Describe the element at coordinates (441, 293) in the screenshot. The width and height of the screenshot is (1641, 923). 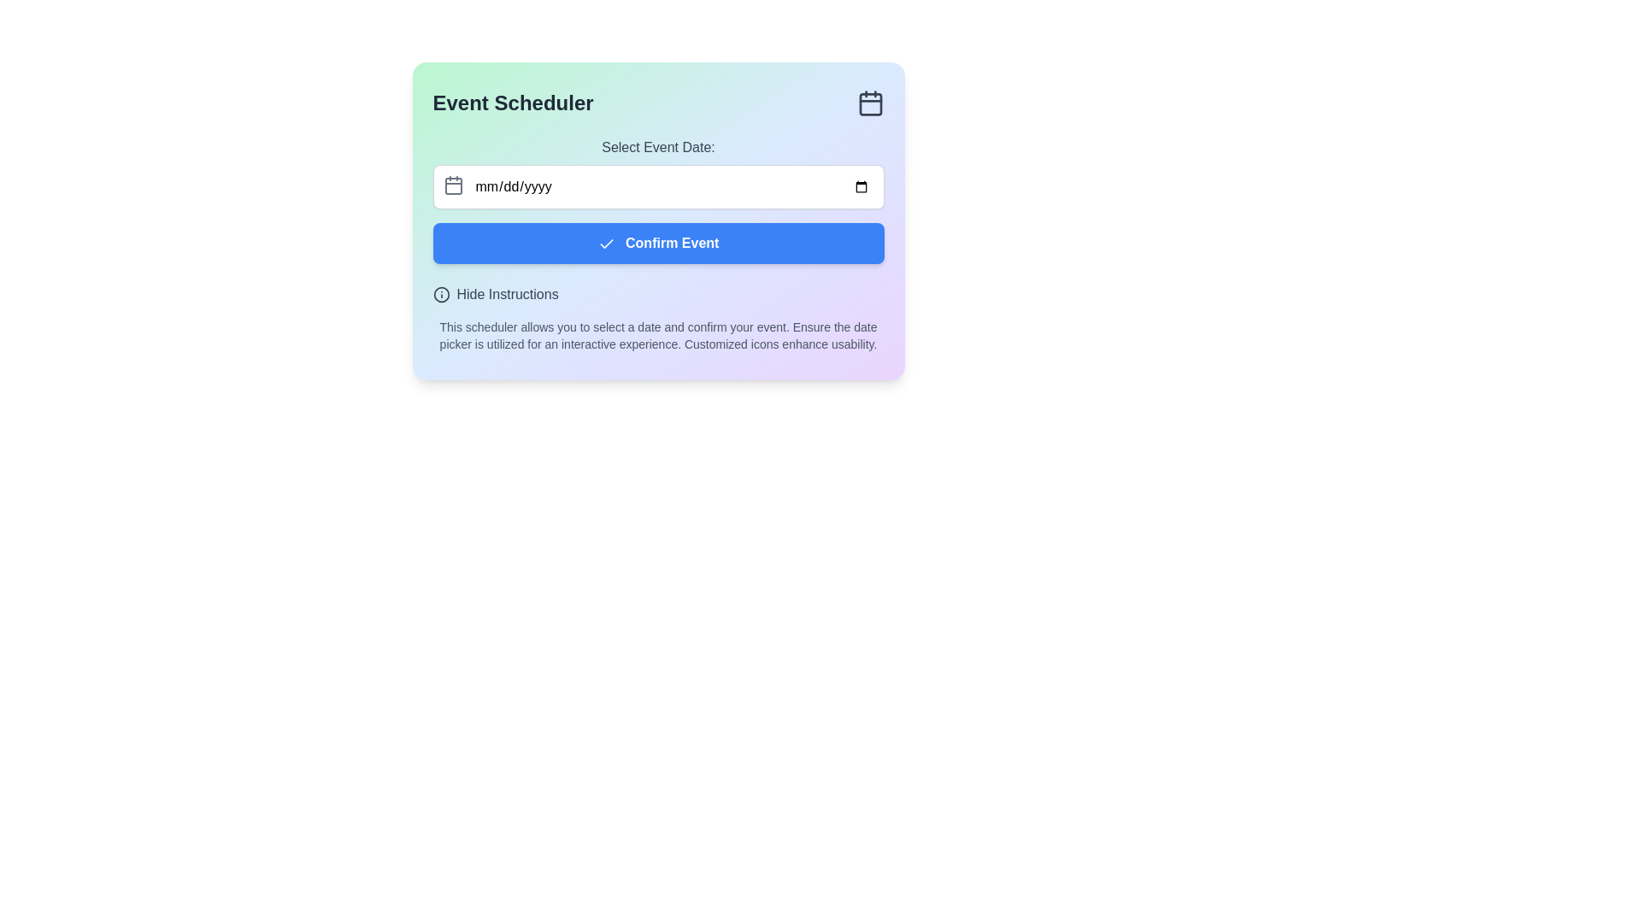
I see `the icon that indicates additional information related to the 'Hide Instructions' functionality, located at the beginning of the 'Hide Instructions' text element in the card layout` at that location.